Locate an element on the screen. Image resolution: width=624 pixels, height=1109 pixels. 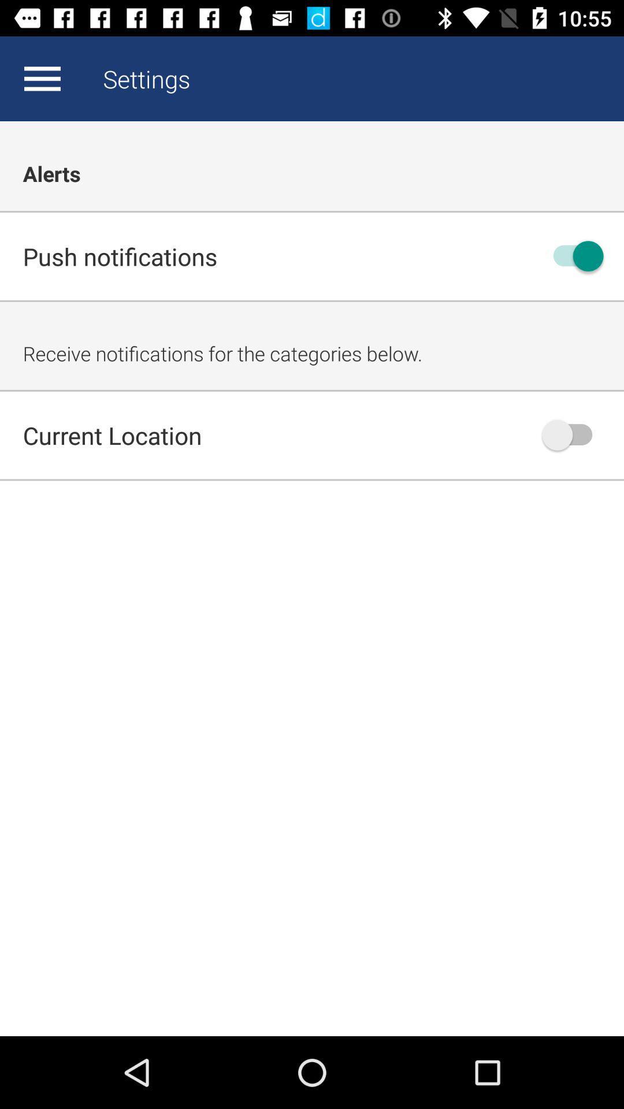
switch toggle for notifications is located at coordinates (573, 255).